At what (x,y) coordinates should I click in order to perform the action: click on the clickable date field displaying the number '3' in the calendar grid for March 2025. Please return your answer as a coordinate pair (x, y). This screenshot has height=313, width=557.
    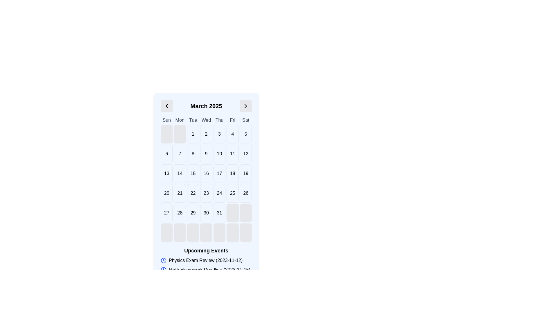
    Looking at the image, I should click on (219, 134).